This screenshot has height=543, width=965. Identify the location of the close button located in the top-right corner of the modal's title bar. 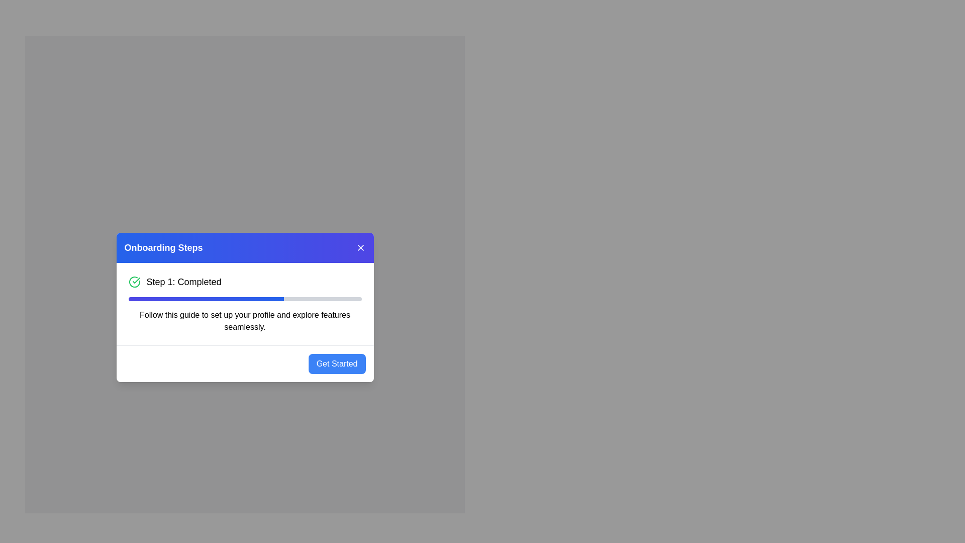
(360, 247).